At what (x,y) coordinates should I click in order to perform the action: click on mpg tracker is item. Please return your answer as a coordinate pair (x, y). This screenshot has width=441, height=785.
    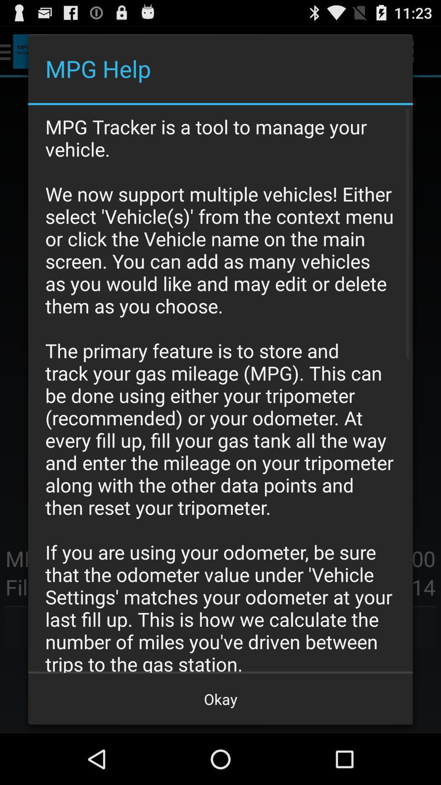
    Looking at the image, I should click on (220, 388).